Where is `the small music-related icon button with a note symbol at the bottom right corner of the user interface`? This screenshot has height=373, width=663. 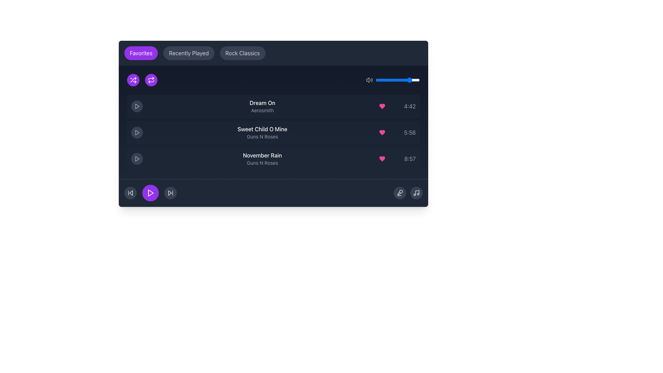
the small music-related icon button with a note symbol at the bottom right corner of the user interface is located at coordinates (416, 193).